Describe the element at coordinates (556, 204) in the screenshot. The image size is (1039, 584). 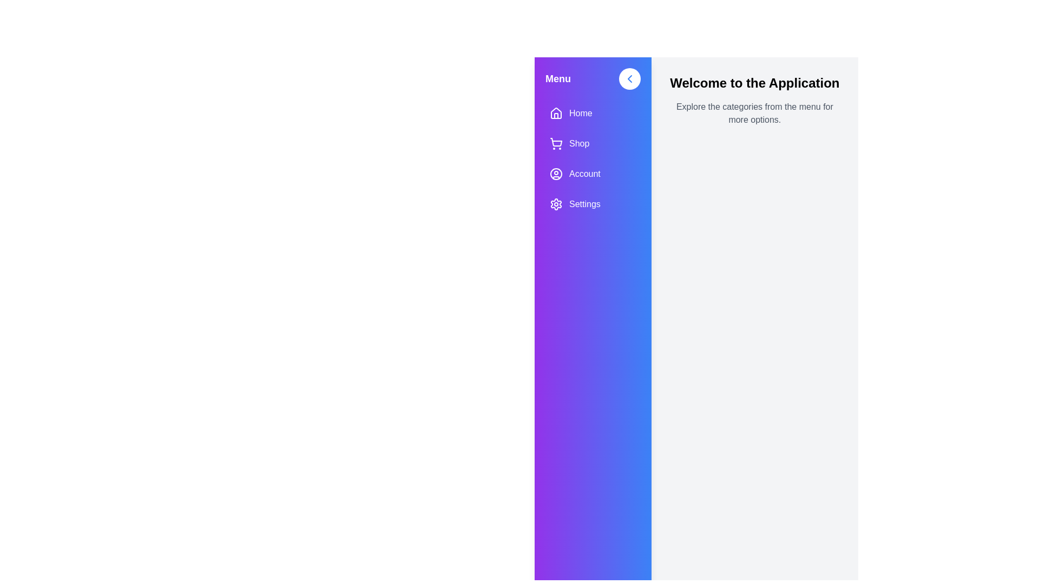
I see `the purple gear-shaped icon in the sidebar menu` at that location.